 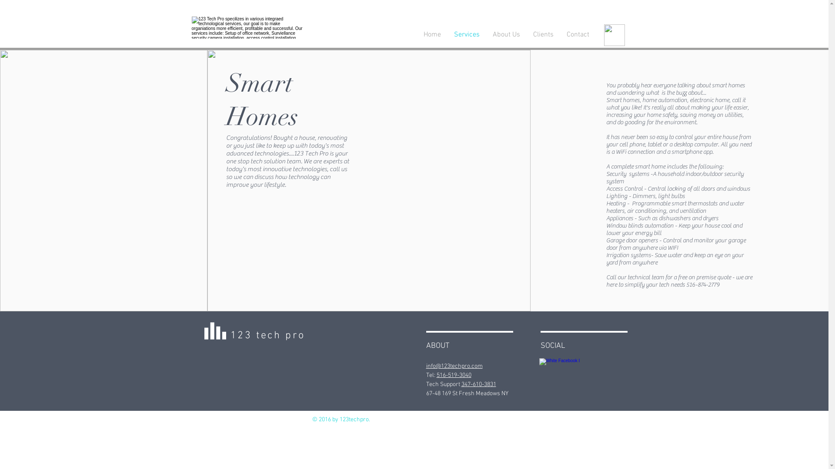 I want to click on '516-519-3040', so click(x=436, y=375).